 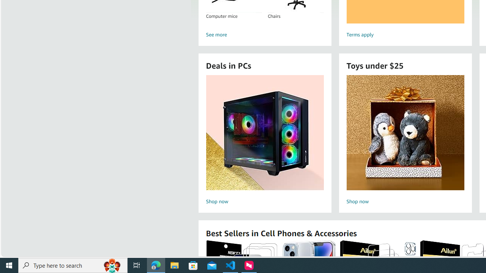 What do you see at coordinates (265, 132) in the screenshot?
I see `'Deals in PCs'` at bounding box center [265, 132].